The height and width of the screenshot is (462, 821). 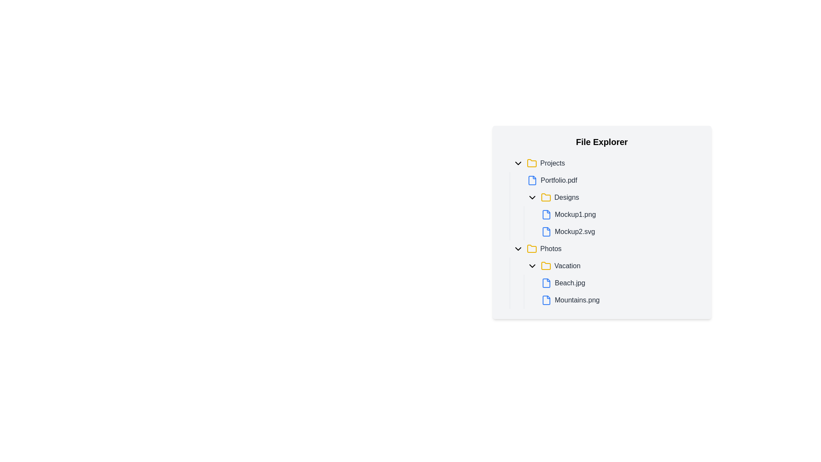 I want to click on the text label displaying the file name 'Mockup1.png', so click(x=575, y=214).